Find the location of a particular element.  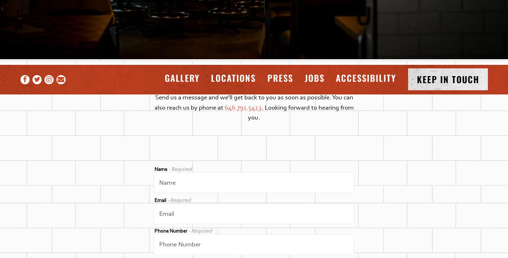

'Press' is located at coordinates (280, 77).